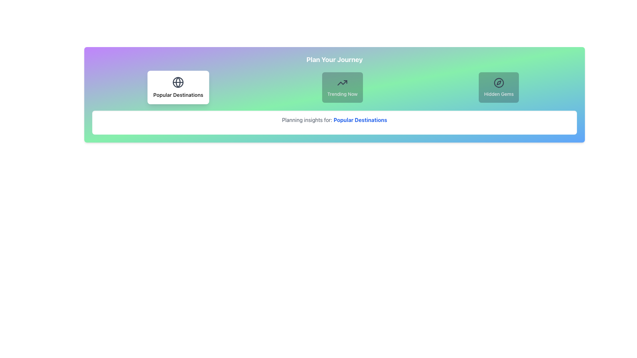  Describe the element at coordinates (342, 87) in the screenshot. I see `the 'Trending Now' button located under the 'Plan Your Journey' group` at that location.